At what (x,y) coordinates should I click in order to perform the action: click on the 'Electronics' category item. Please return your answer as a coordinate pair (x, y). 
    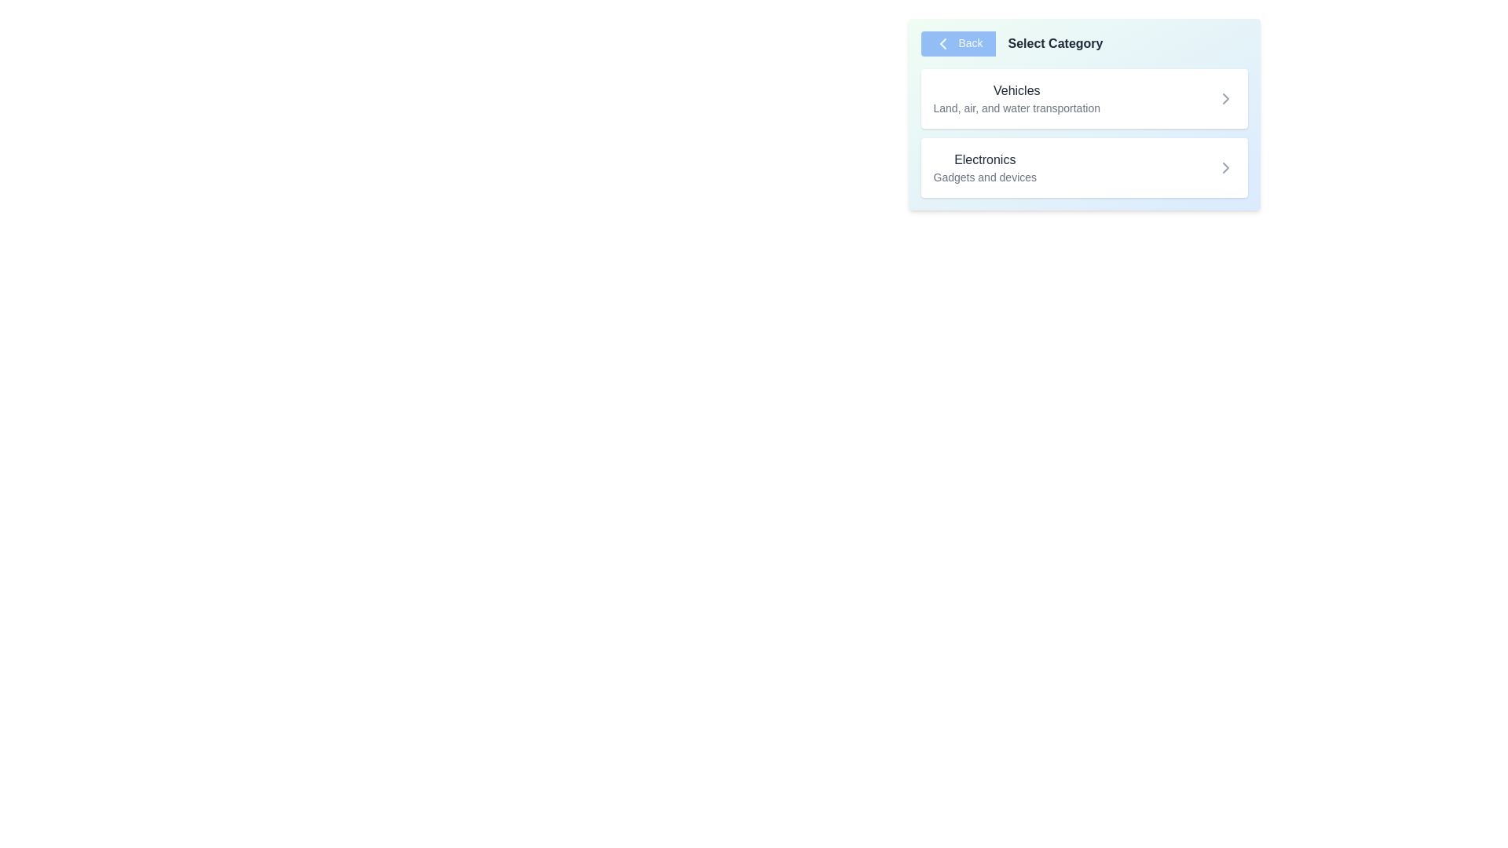
    Looking at the image, I should click on (984, 167).